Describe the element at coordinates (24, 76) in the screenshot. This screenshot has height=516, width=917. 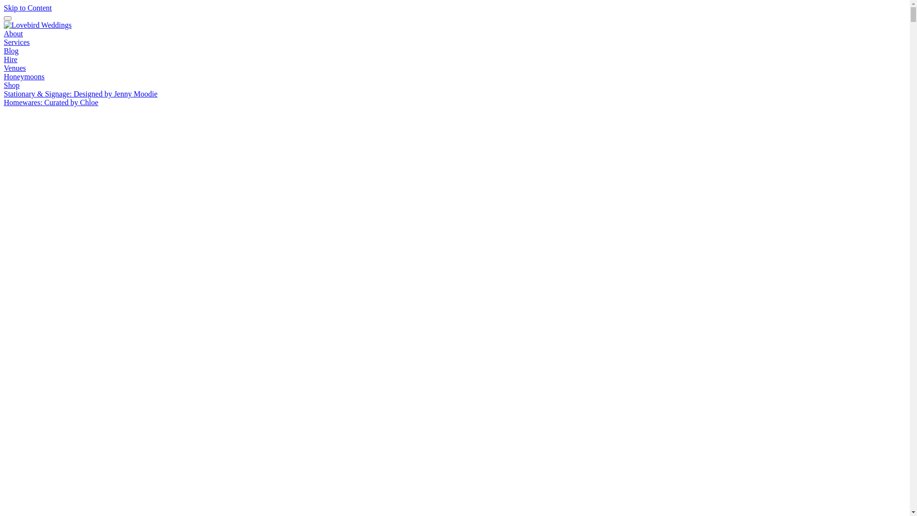
I see `'Honeymoons'` at that location.